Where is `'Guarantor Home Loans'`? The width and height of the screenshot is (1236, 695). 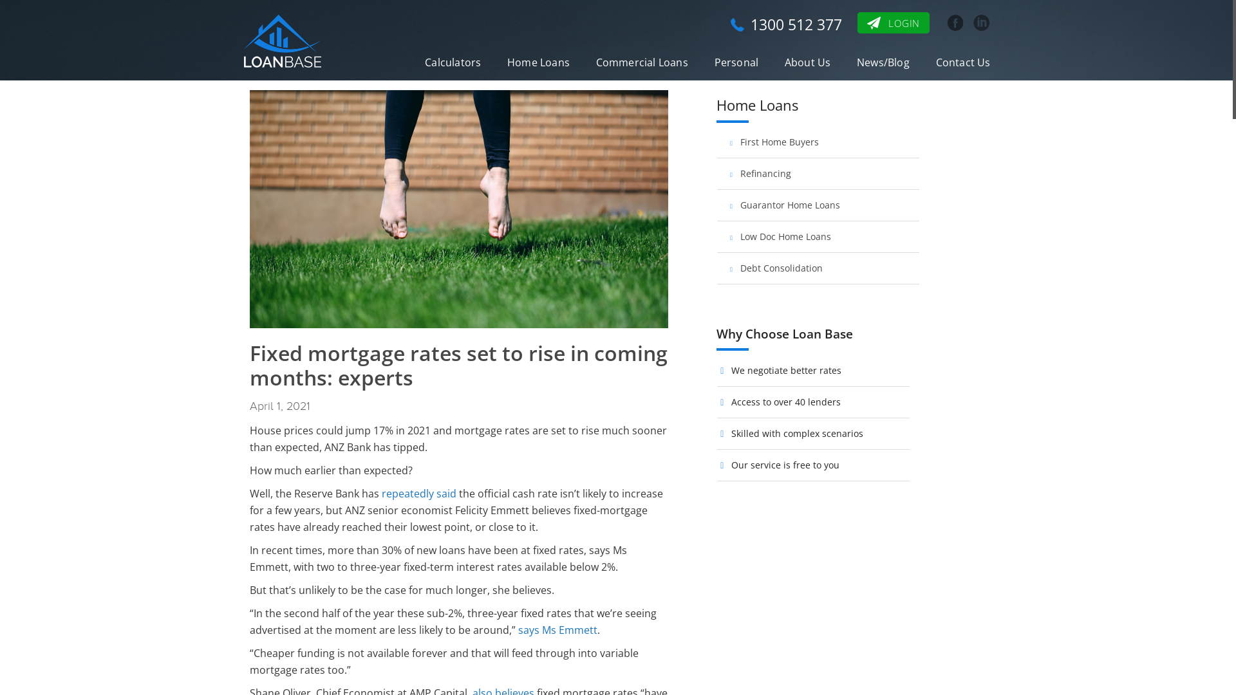 'Guarantor Home Loans' is located at coordinates (817, 205).